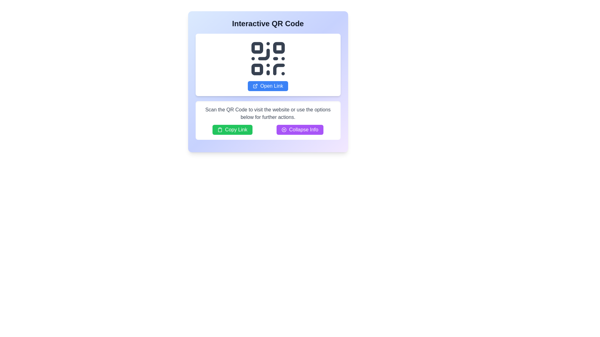 The height and width of the screenshot is (337, 600). I want to click on the small black square with rounded corners located in the bottom left corner of the QR code, which is the third square from the top-left within the SVG graphic, so click(257, 69).